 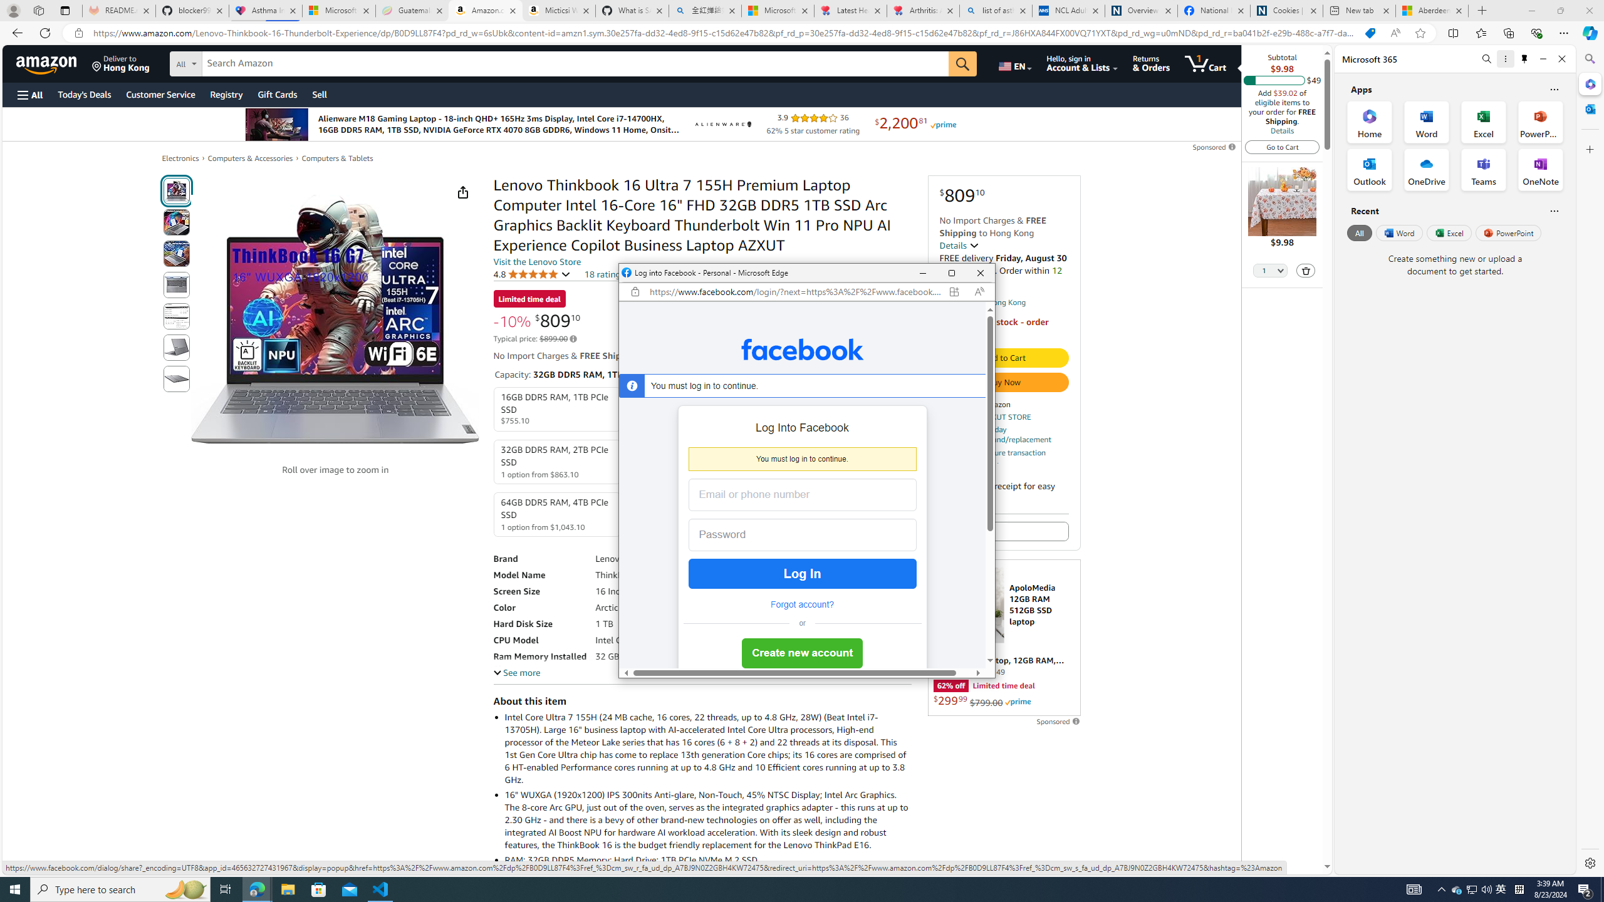 What do you see at coordinates (265, 10) in the screenshot?
I see `'Asthma Inhalers: Names and Types'` at bounding box center [265, 10].